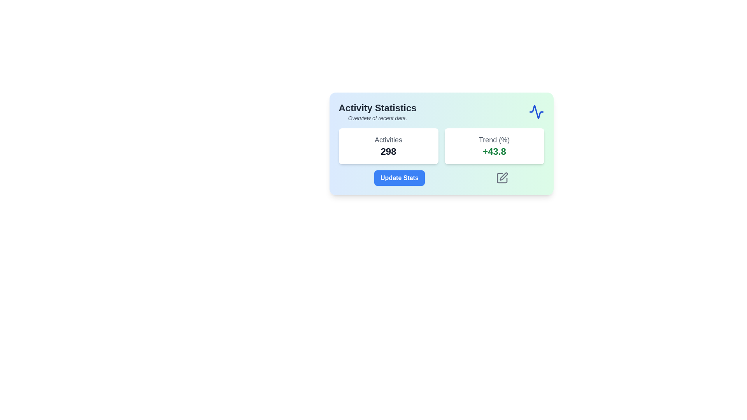  I want to click on the pencil icon in the square frame to initiate the edit function, located to the right of the 'Update Stats' button and slightly below the activity and trend statistics, so click(502, 178).